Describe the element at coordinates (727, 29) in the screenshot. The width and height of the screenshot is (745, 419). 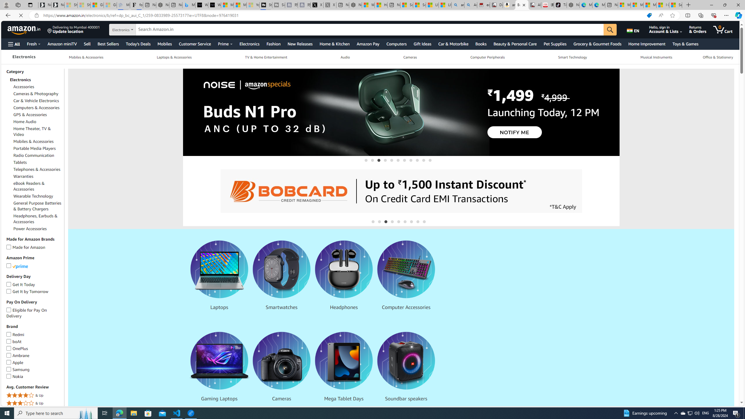
I see `'0 items in cart'` at that location.